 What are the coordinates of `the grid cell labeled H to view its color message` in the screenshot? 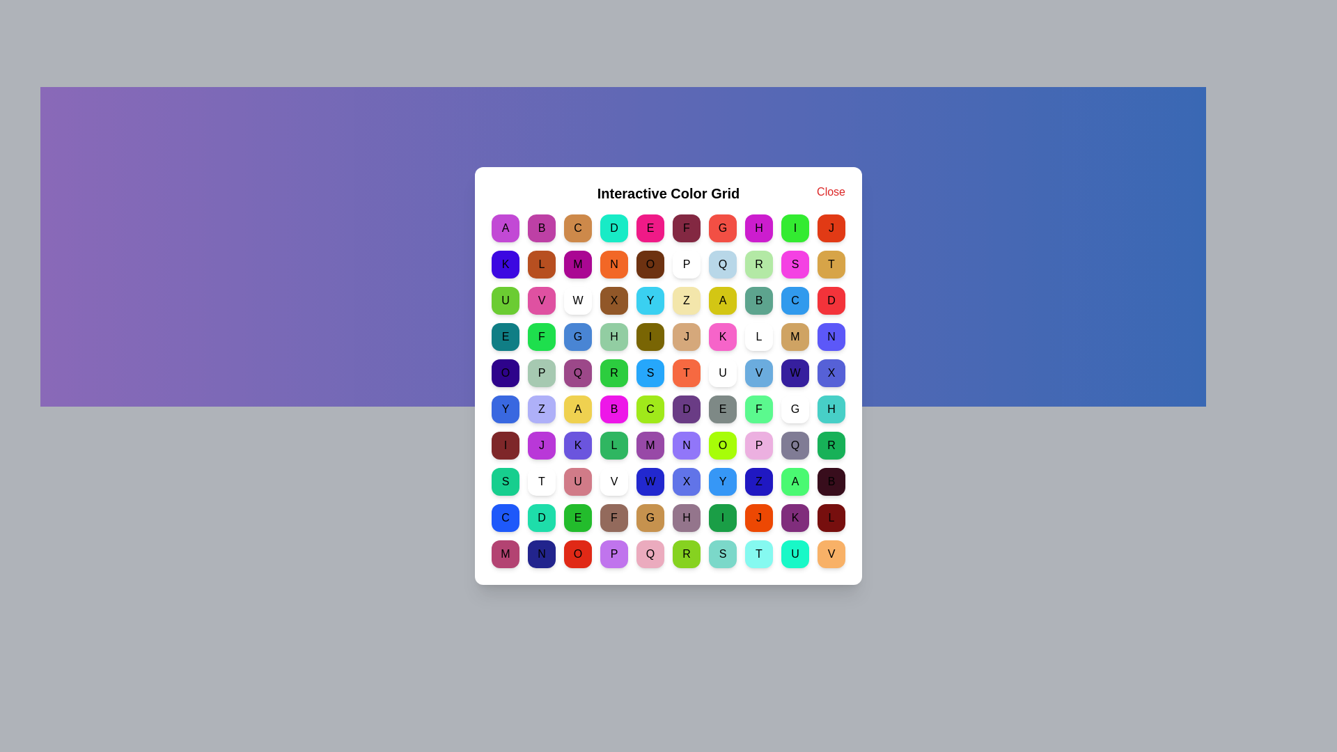 It's located at (758, 227).